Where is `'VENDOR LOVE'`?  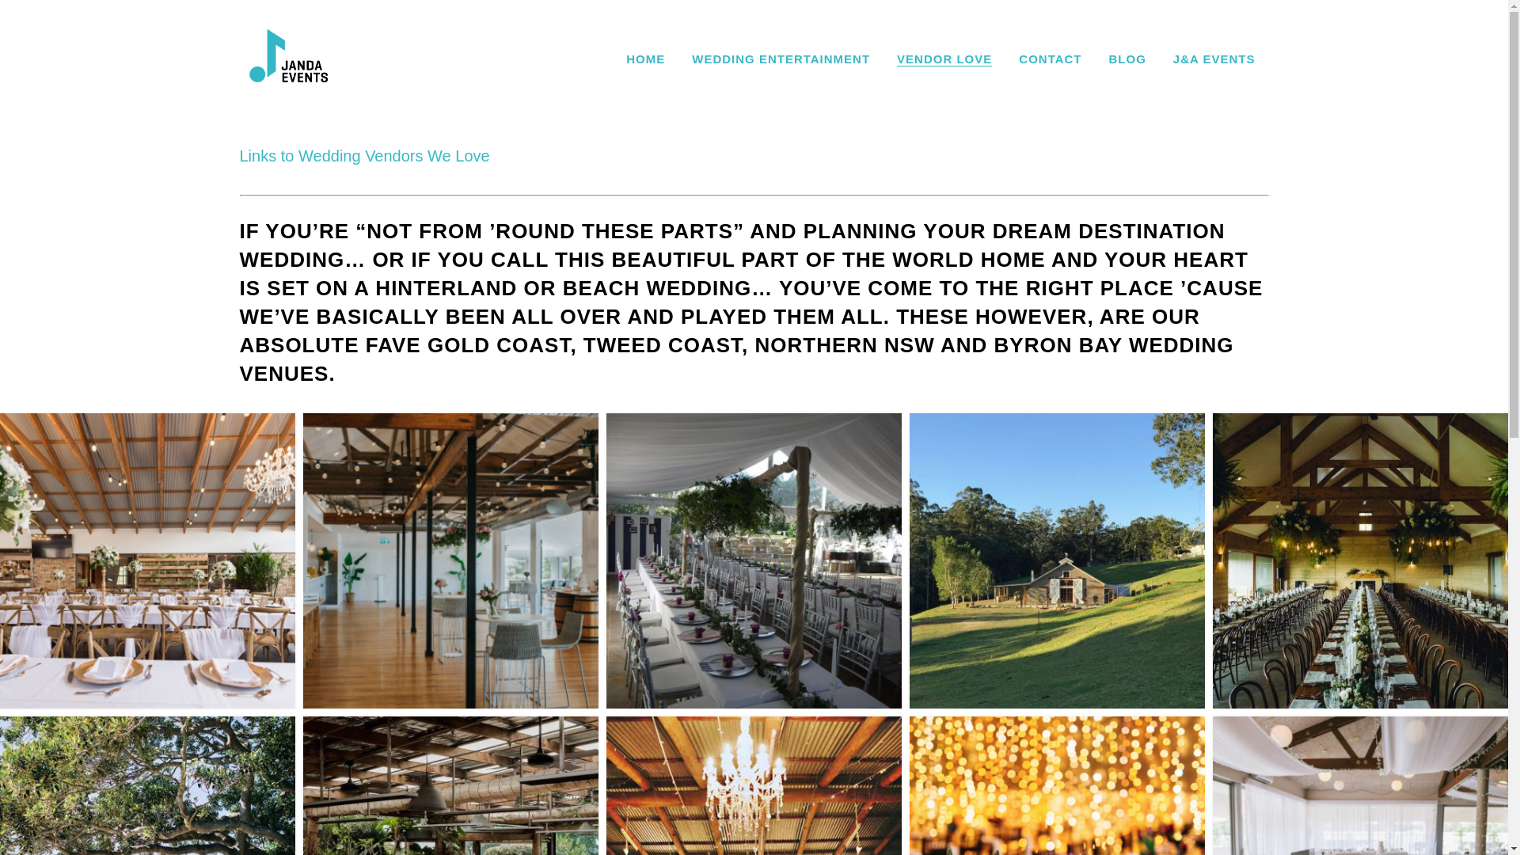 'VENDOR LOVE' is located at coordinates (944, 58).